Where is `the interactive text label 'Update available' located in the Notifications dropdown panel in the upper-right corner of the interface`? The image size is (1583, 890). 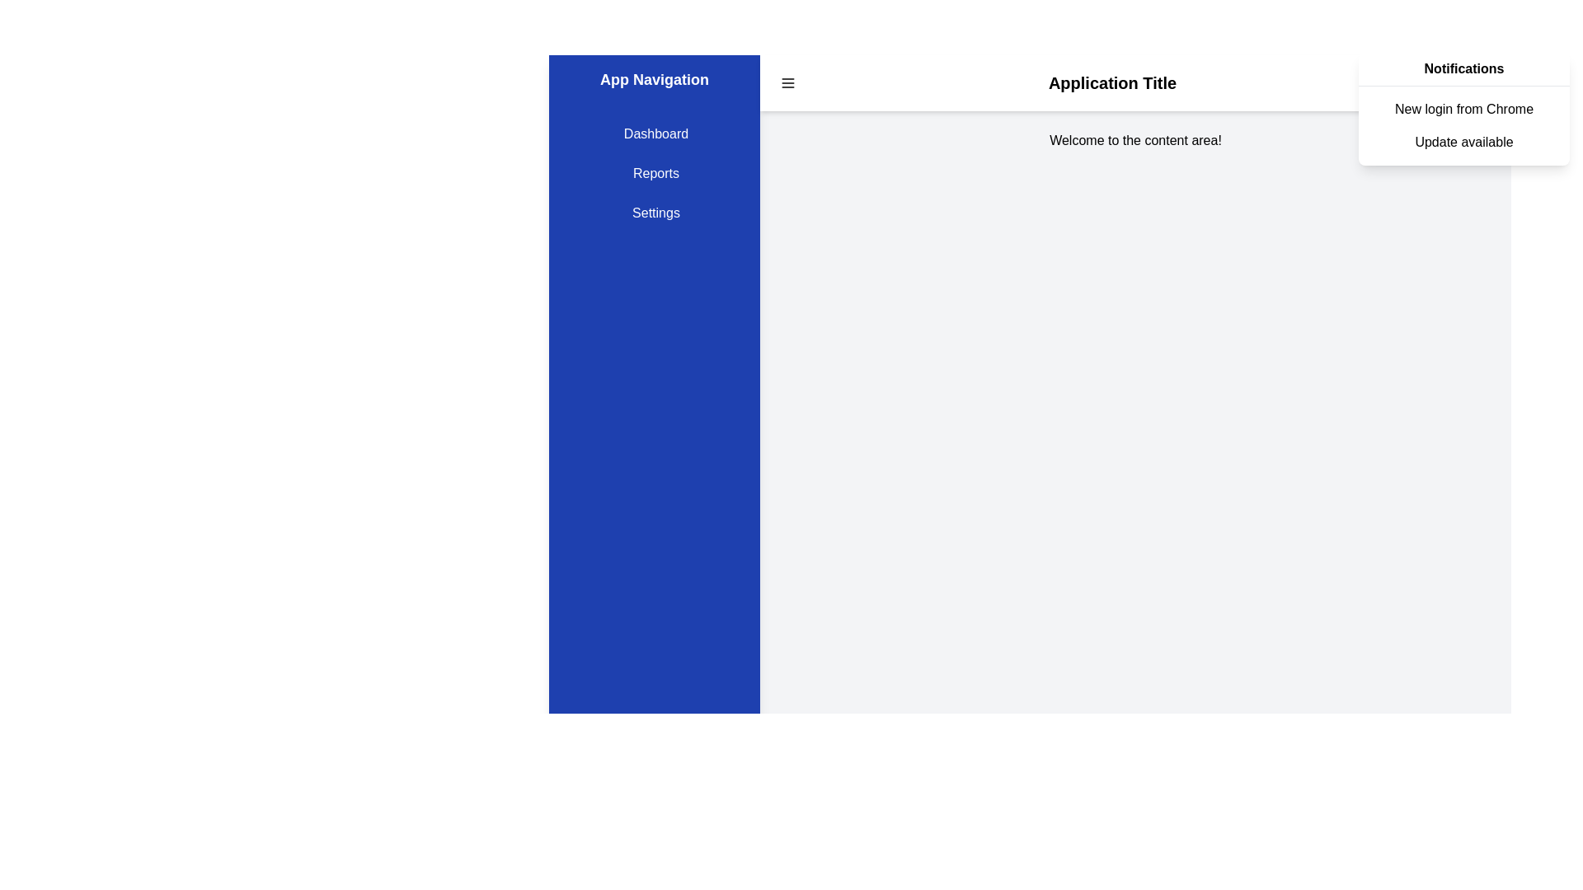
the interactive text label 'Update available' located in the Notifications dropdown panel in the upper-right corner of the interface is located at coordinates (1464, 142).